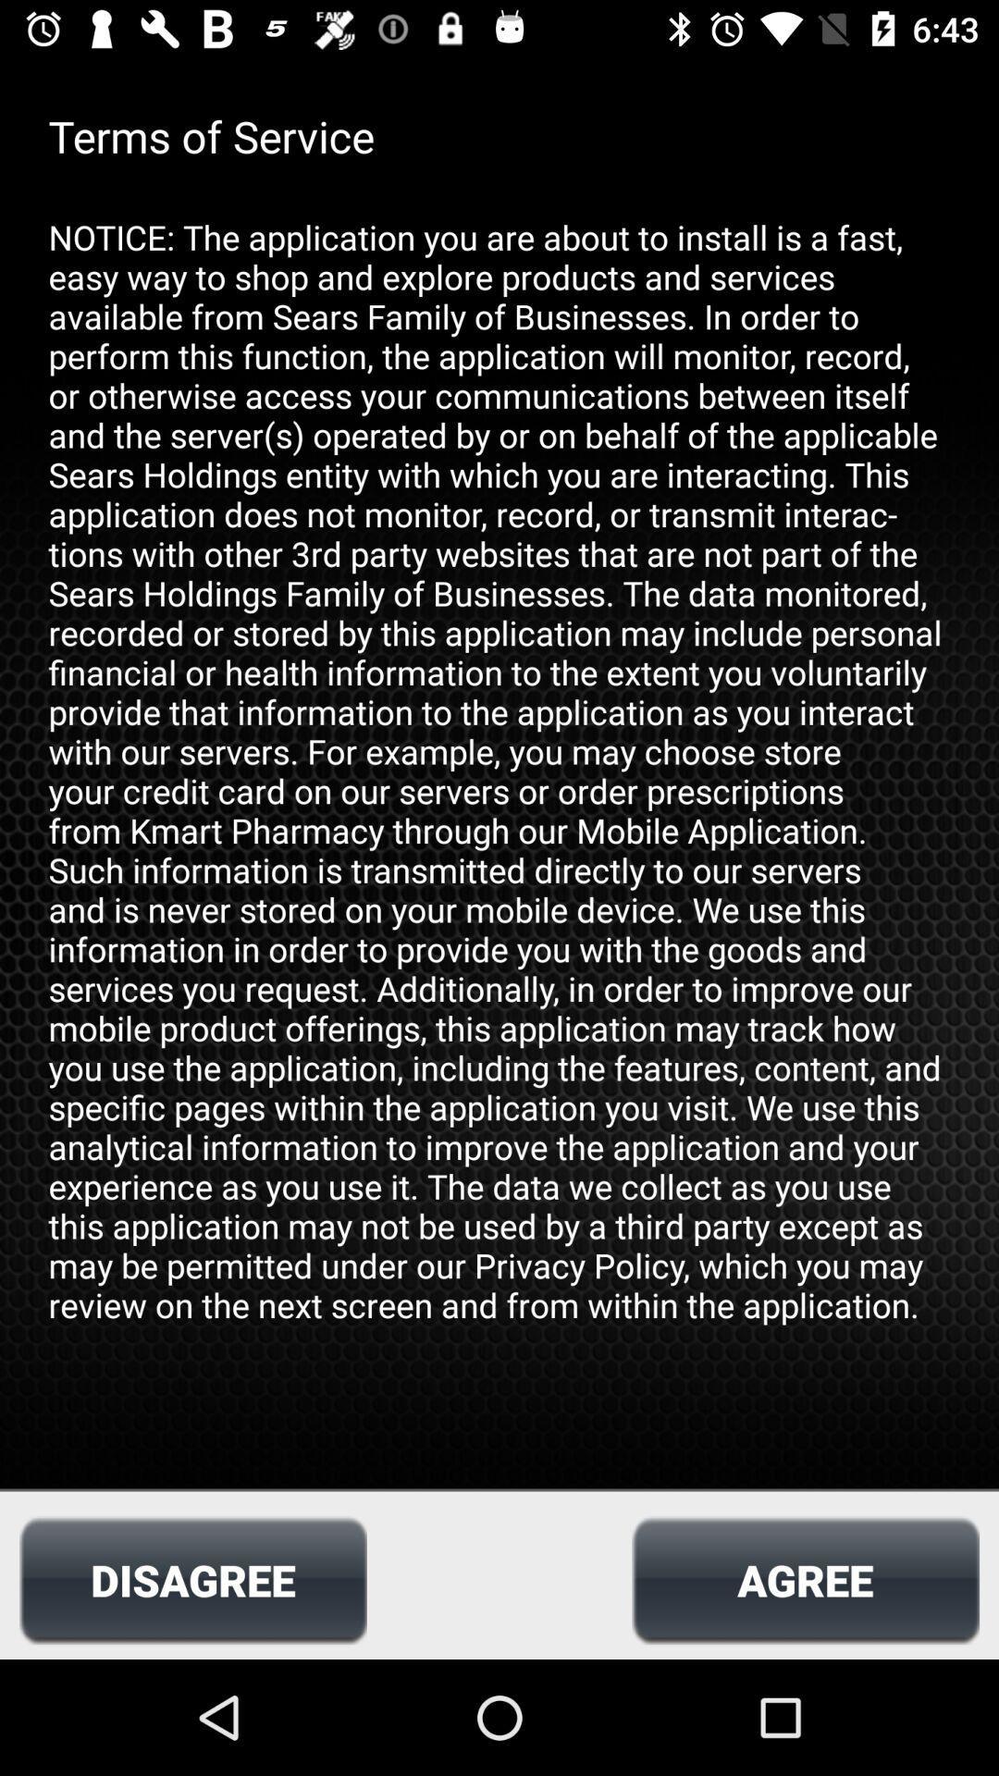 The height and width of the screenshot is (1776, 999). I want to click on disagree icon, so click(192, 1579).